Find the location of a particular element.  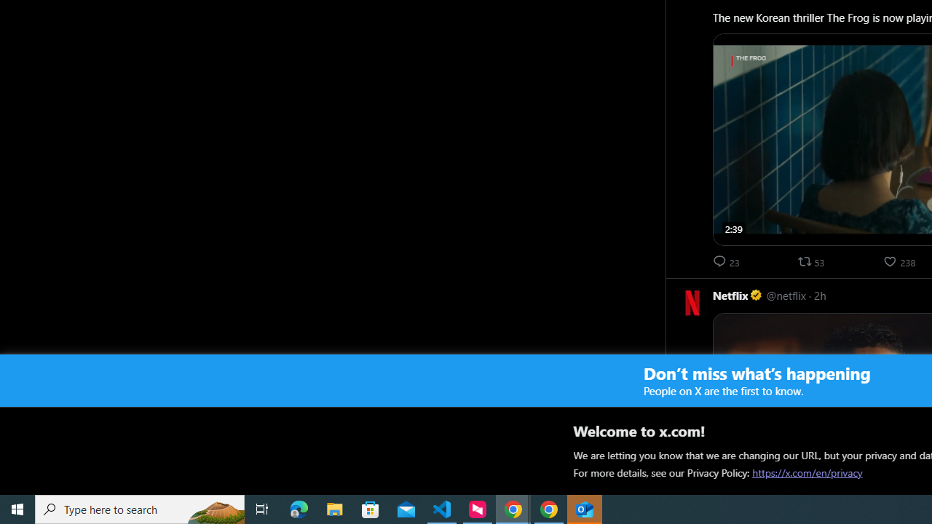

'53 reposts. Repost' is located at coordinates (812, 261).